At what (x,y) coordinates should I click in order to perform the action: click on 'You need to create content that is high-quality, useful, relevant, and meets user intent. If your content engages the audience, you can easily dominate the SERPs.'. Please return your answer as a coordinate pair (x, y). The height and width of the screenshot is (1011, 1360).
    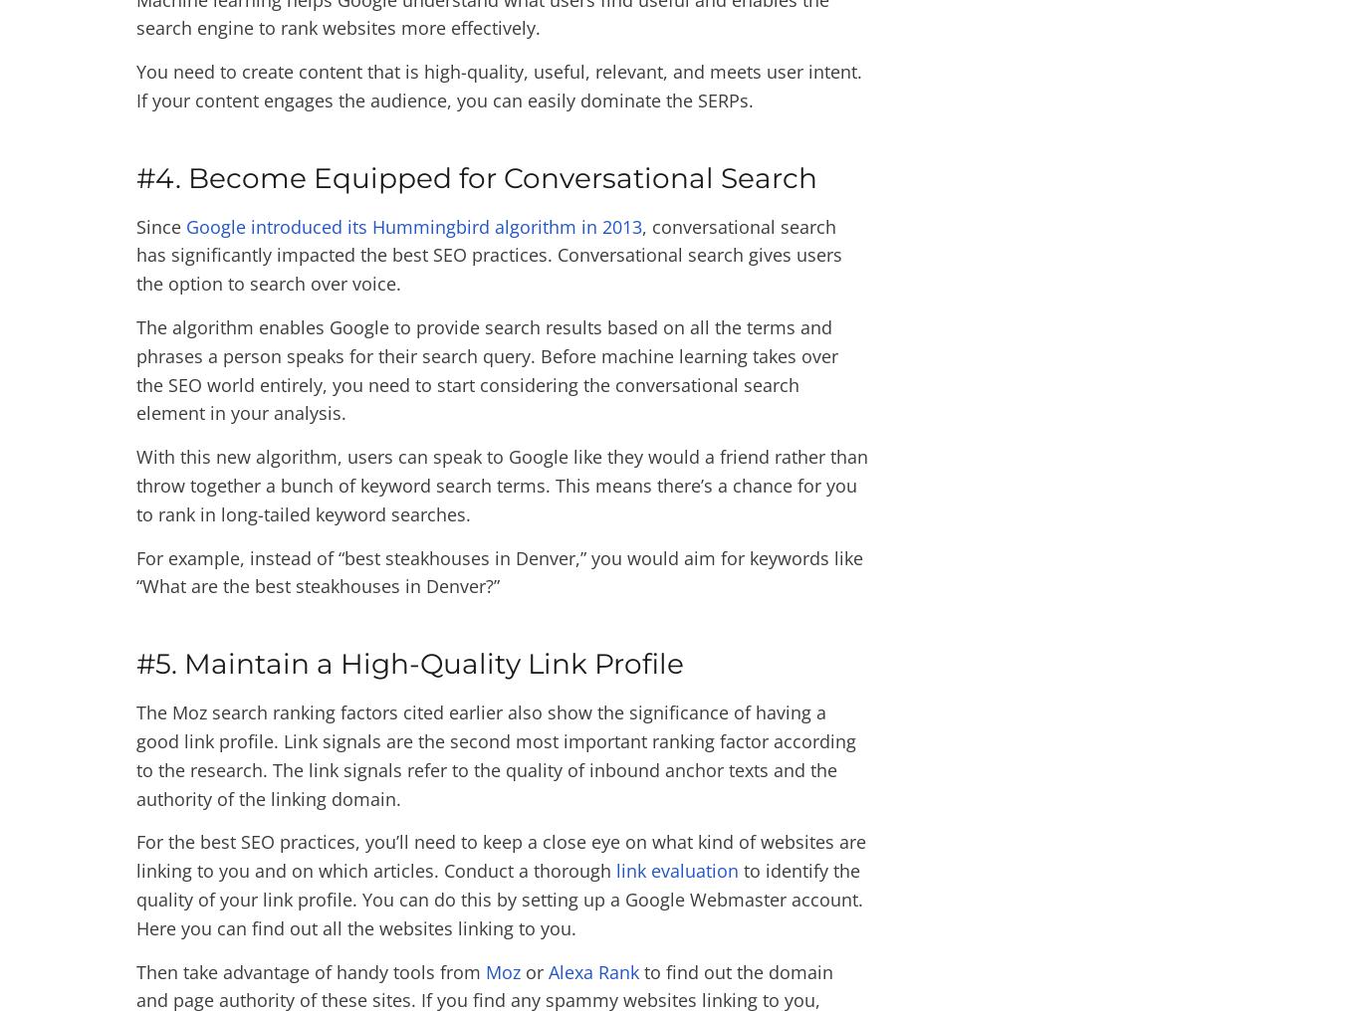
    Looking at the image, I should click on (135, 85).